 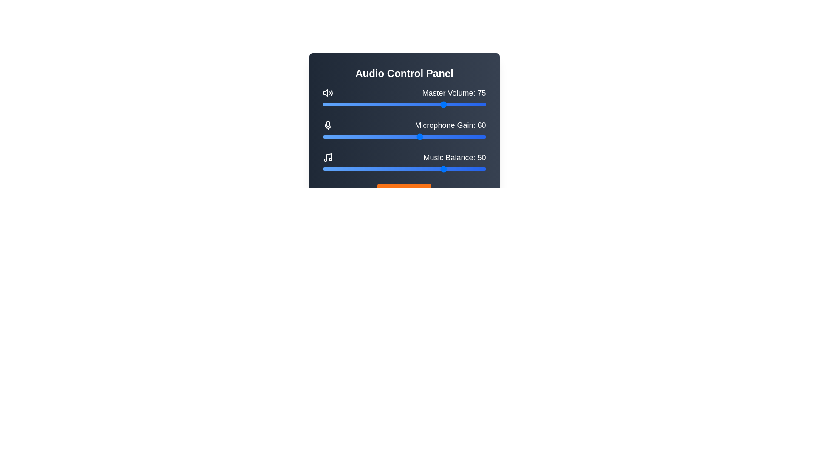 I want to click on the Master Volume slider to 0, so click(x=322, y=104).